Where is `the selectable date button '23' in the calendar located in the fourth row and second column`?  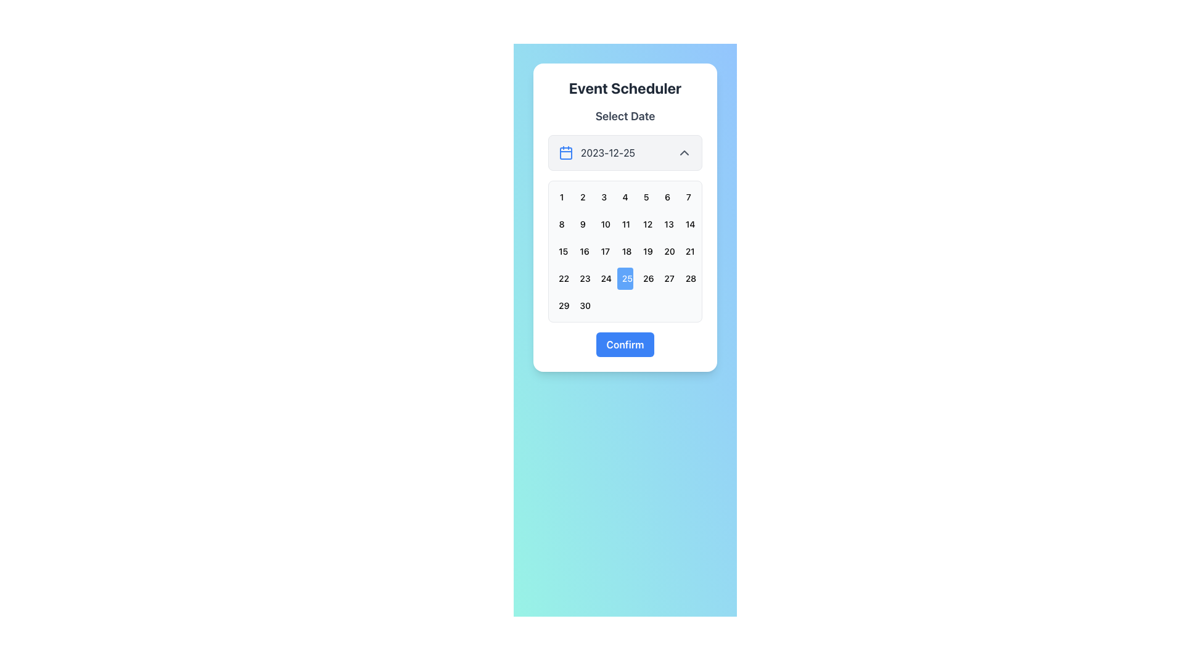
the selectable date button '23' in the calendar located in the fourth row and second column is located at coordinates (582, 278).